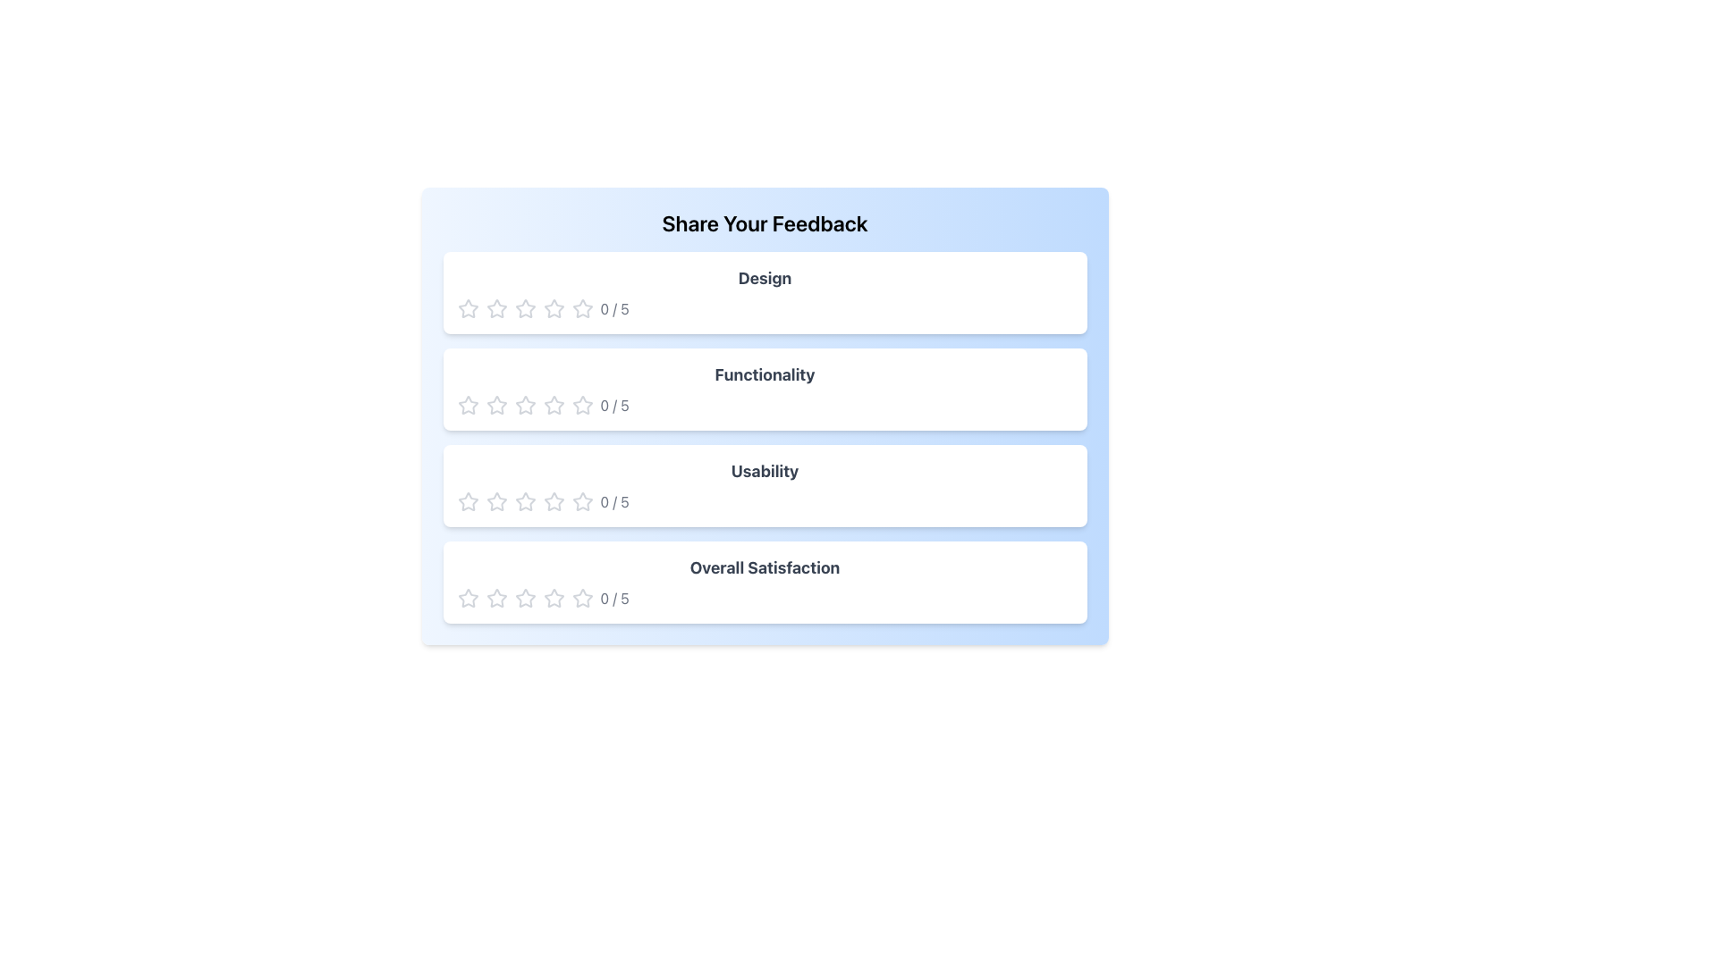 The height and width of the screenshot is (965, 1717). I want to click on the second star icon in the rating system for the 'Functionality' aspect of the feedback form, so click(524, 405).